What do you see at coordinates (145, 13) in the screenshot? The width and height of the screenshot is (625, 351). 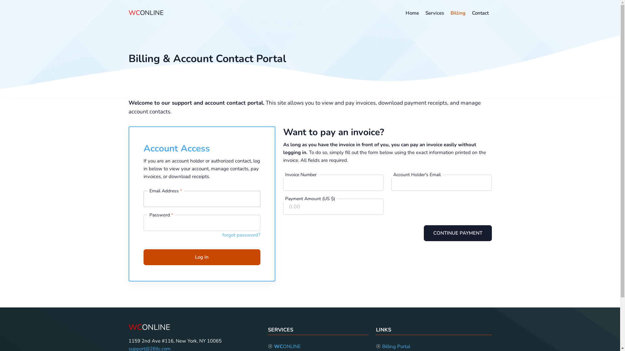 I see `'WCONLINE'` at bounding box center [145, 13].